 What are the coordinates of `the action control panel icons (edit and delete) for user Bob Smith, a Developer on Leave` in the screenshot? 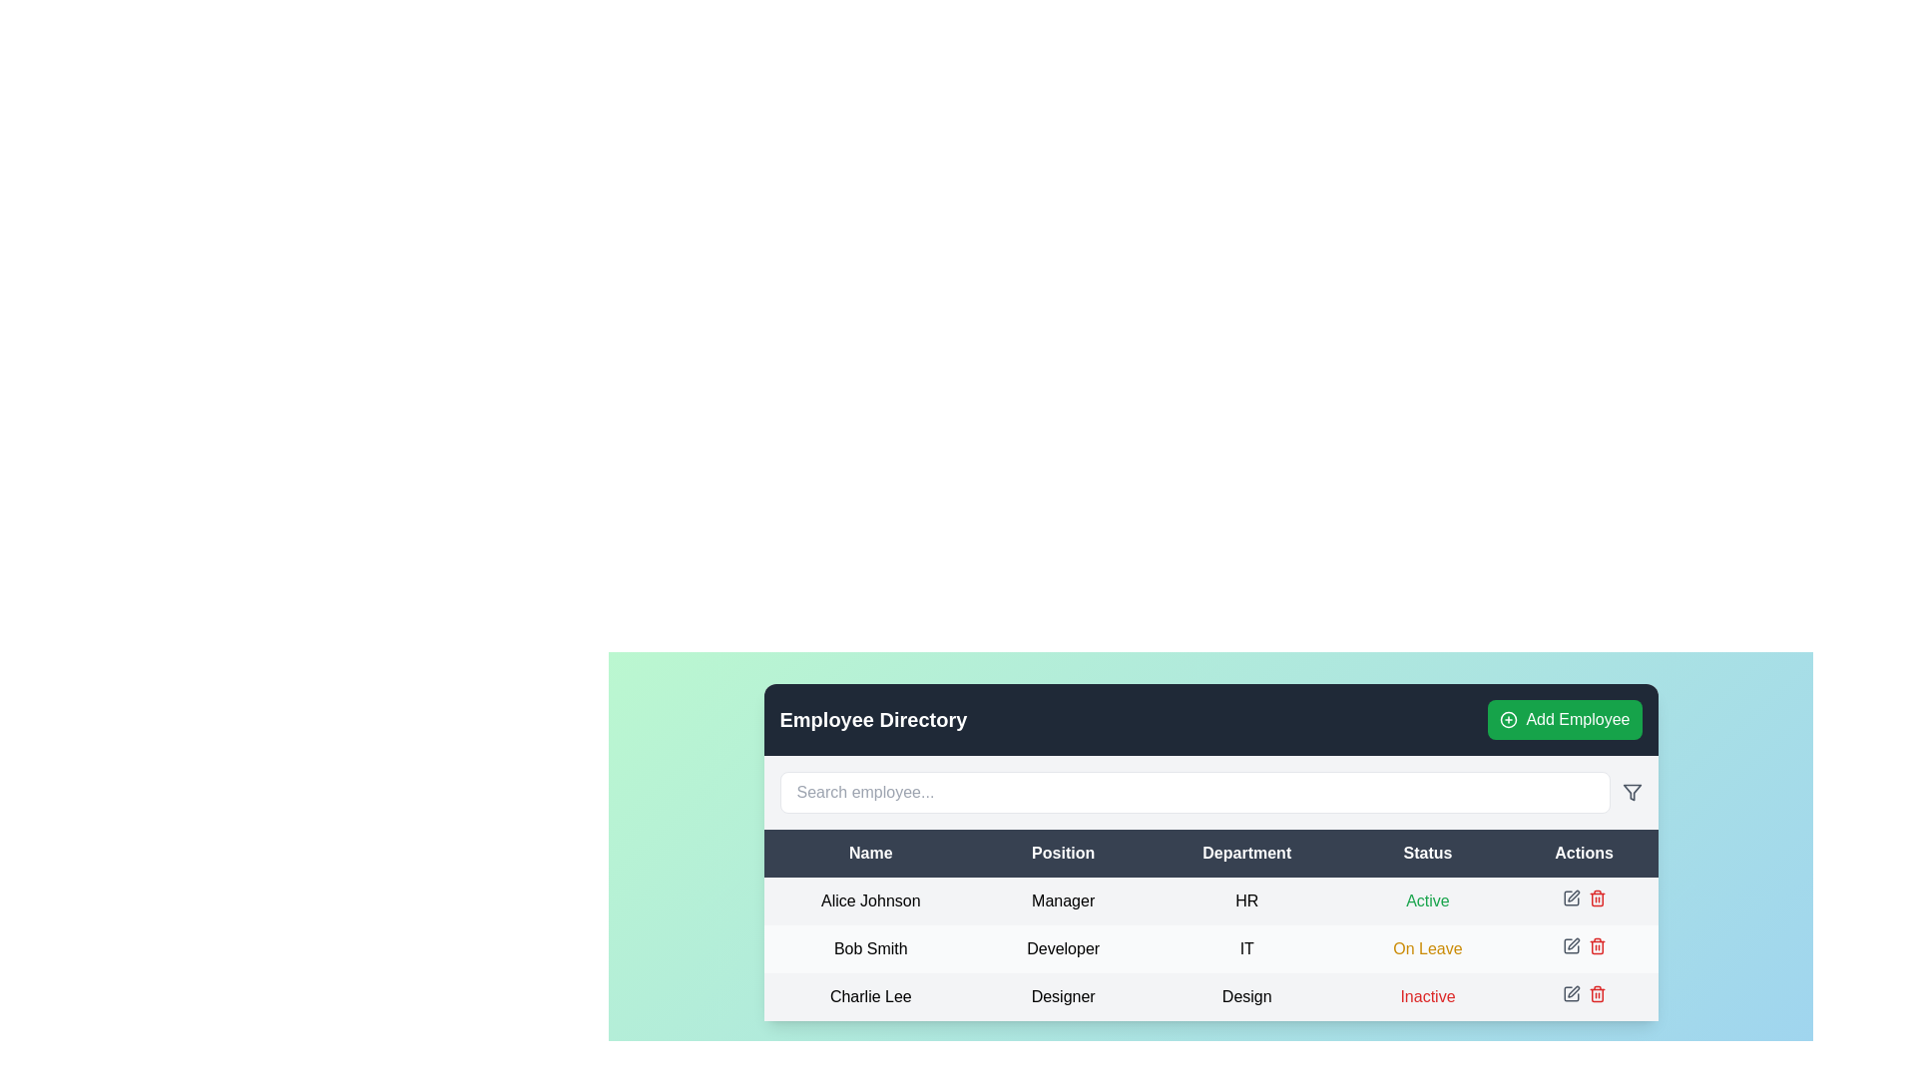 It's located at (1583, 944).